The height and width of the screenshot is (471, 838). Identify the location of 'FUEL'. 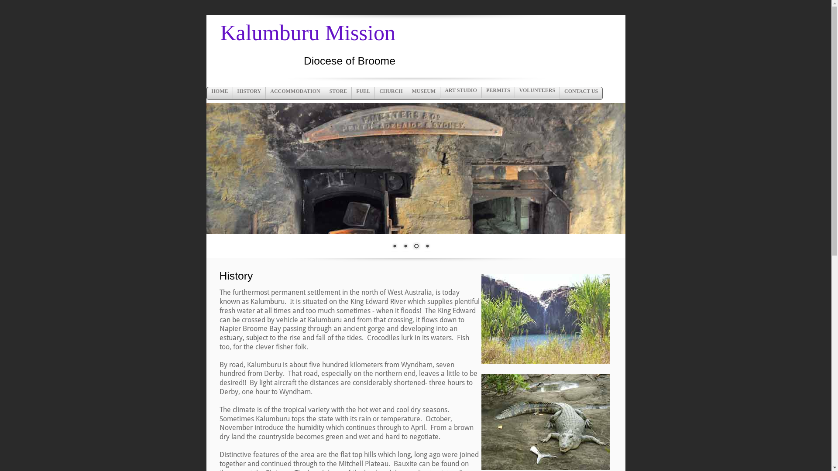
(351, 93).